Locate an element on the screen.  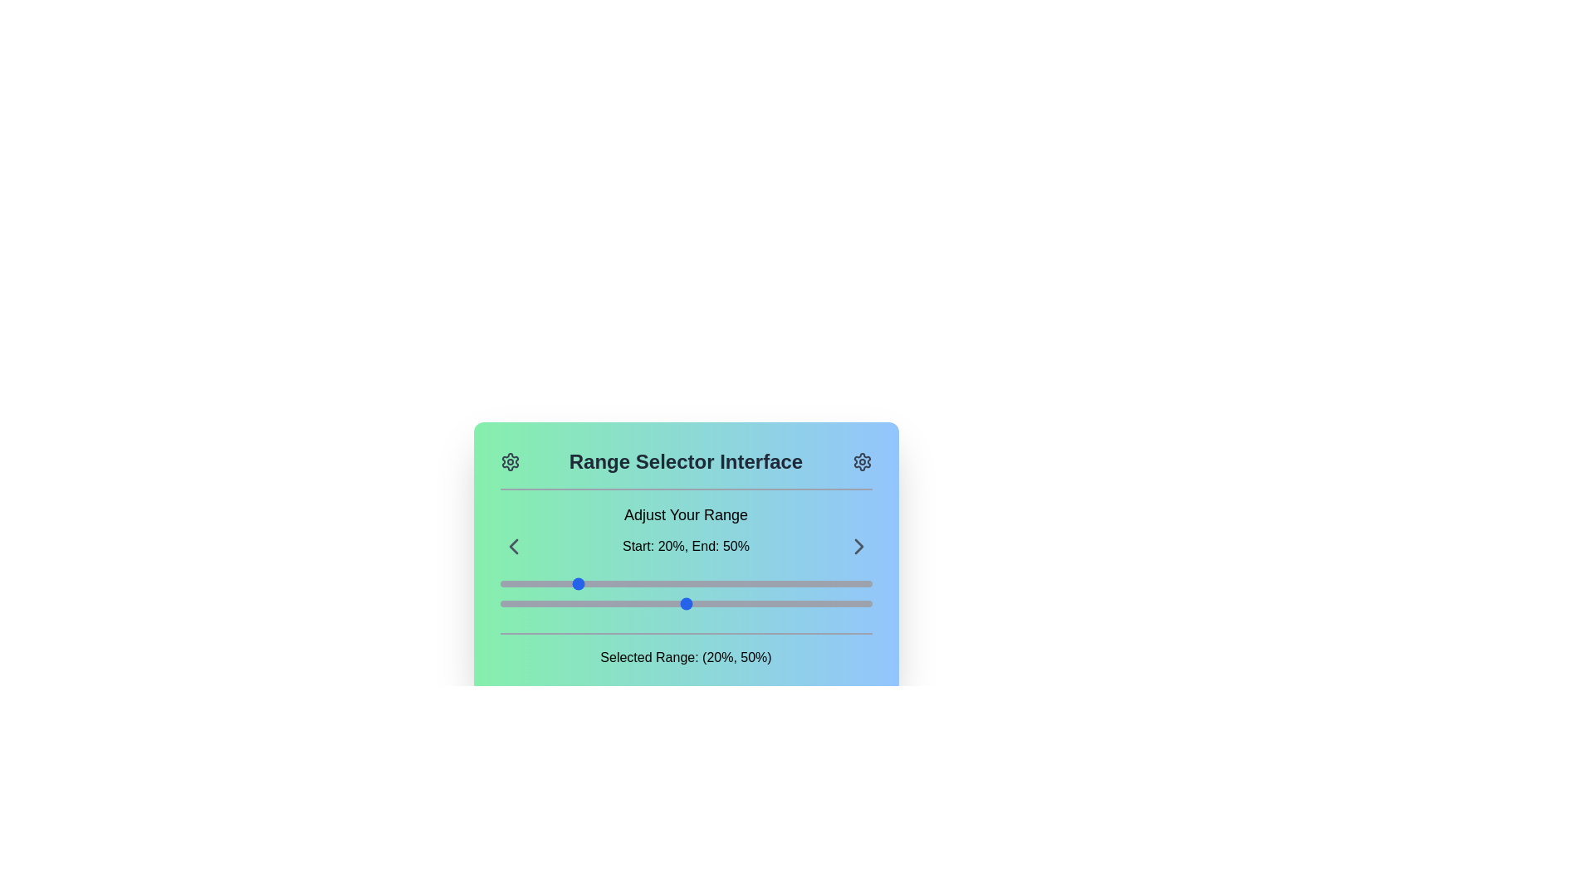
the slider is located at coordinates (760, 583).